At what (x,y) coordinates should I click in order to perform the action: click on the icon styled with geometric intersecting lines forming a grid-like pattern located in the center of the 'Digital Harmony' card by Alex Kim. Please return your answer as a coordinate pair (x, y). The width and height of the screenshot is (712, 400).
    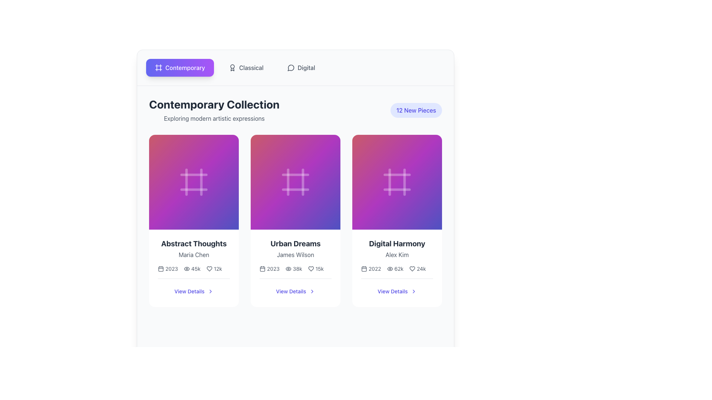
    Looking at the image, I should click on (396, 182).